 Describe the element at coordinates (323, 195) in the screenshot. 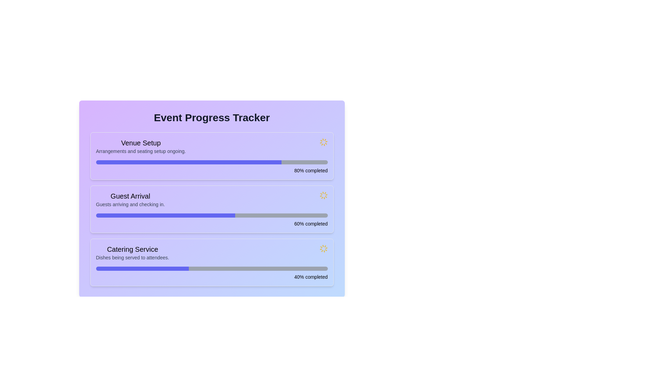

I see `the spinning loader icon located in the second row of the event progress tracker, adjacent to the 'Guest Arrival' row` at that location.